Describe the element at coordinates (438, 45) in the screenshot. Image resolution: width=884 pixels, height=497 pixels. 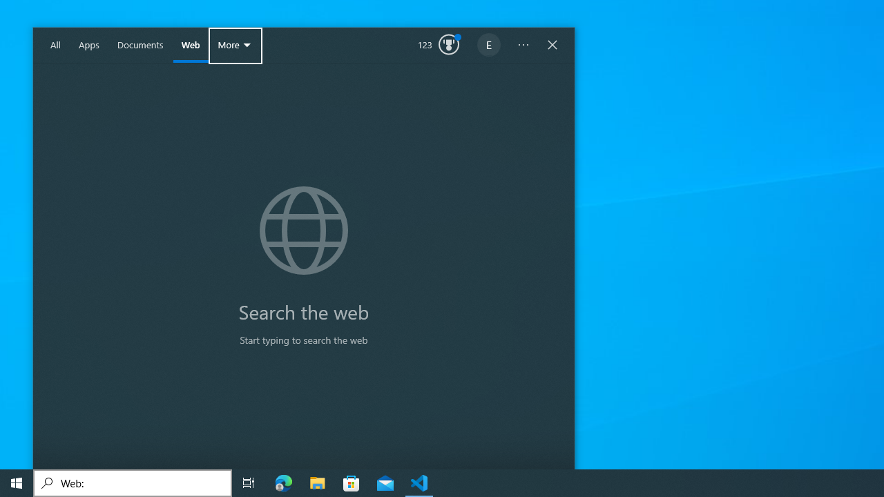
I see `'Microsoft Rewards balance: 123'` at that location.